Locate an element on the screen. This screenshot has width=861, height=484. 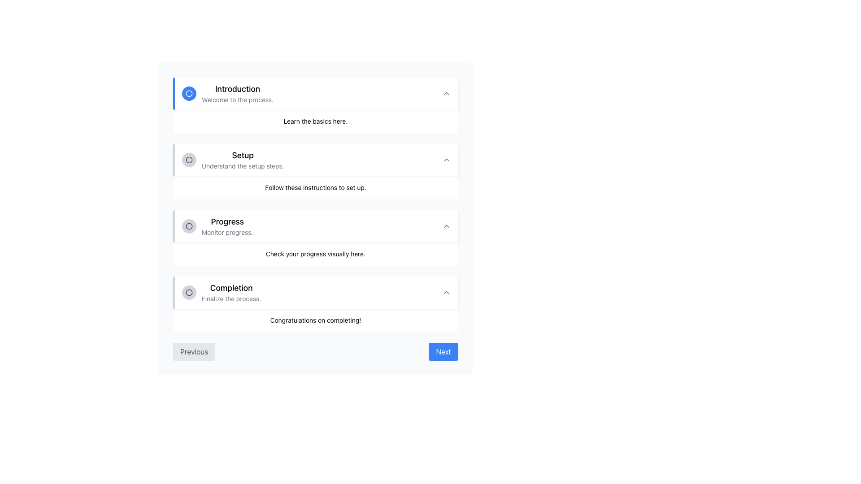
the 'Completion' text header, which is a bold label indicating the progress section of a multi-step process interface is located at coordinates (231, 288).